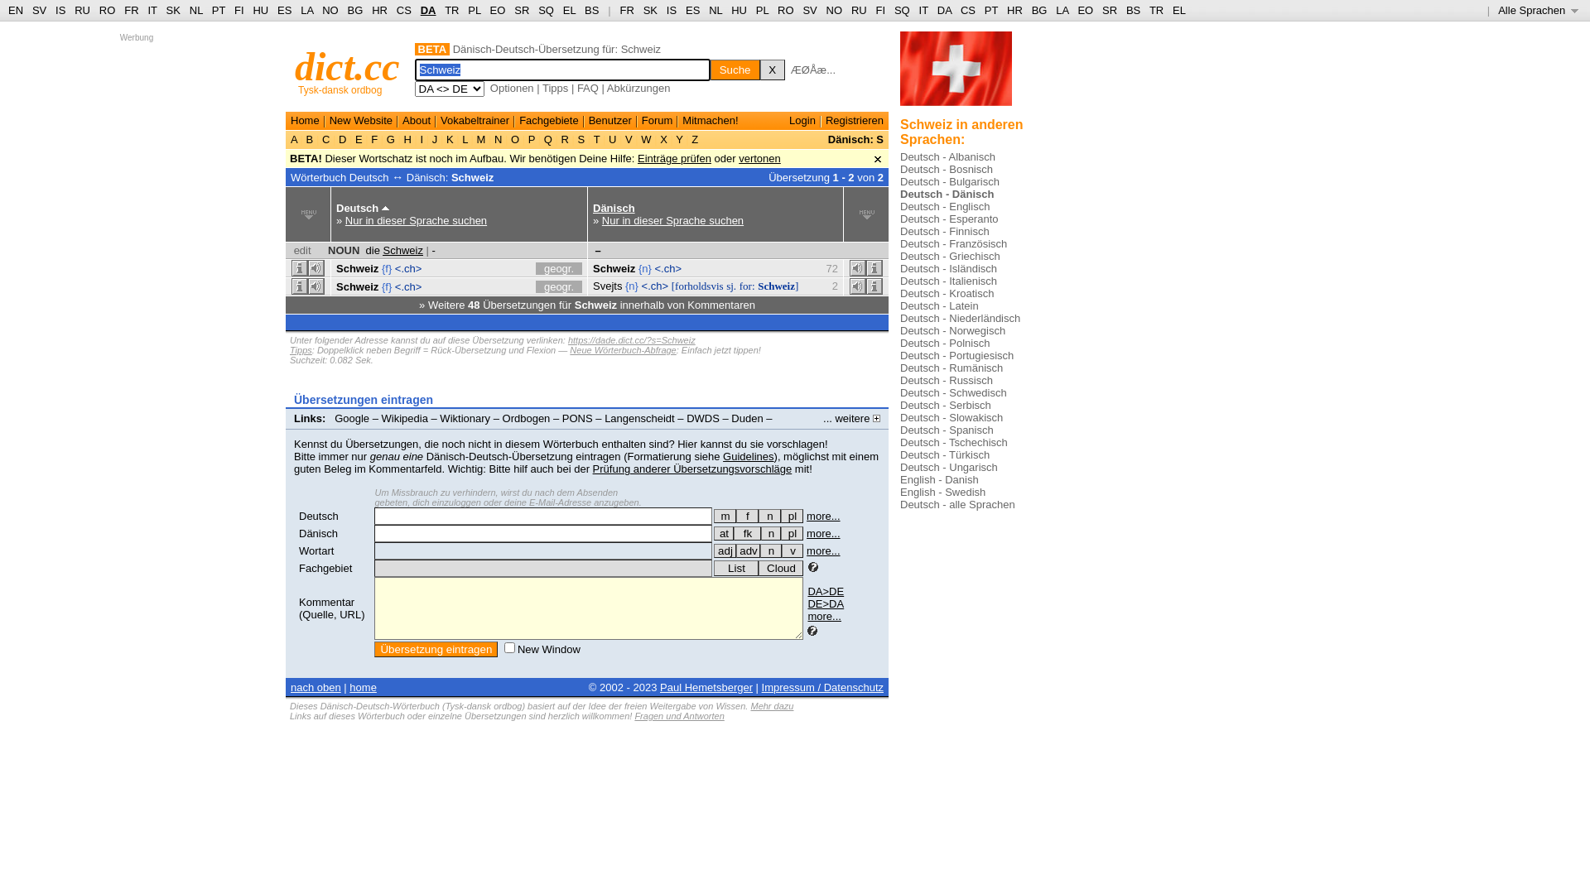 The height and width of the screenshot is (894, 1590). I want to click on 'Svejts', so click(606, 285).